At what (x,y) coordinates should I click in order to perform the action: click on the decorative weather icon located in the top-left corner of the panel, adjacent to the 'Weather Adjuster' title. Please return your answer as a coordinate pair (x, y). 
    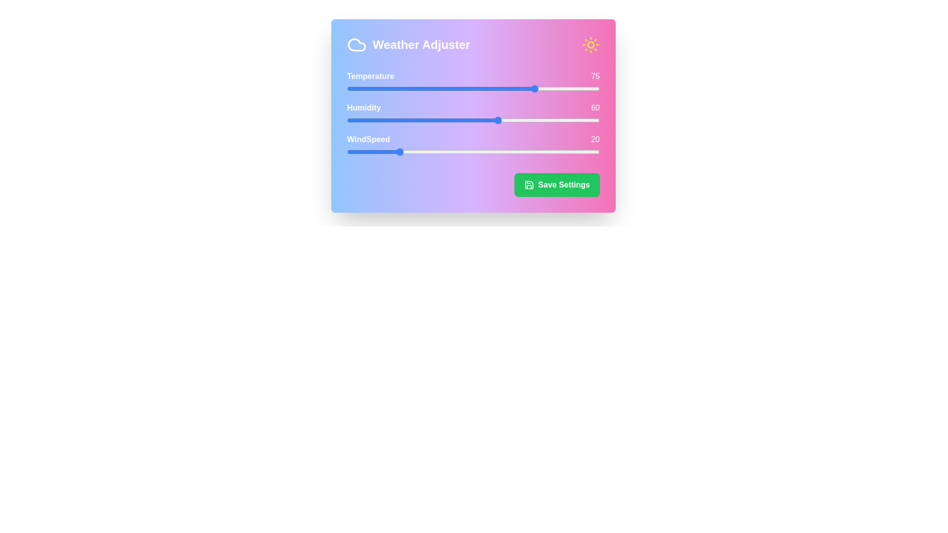
    Looking at the image, I should click on (356, 45).